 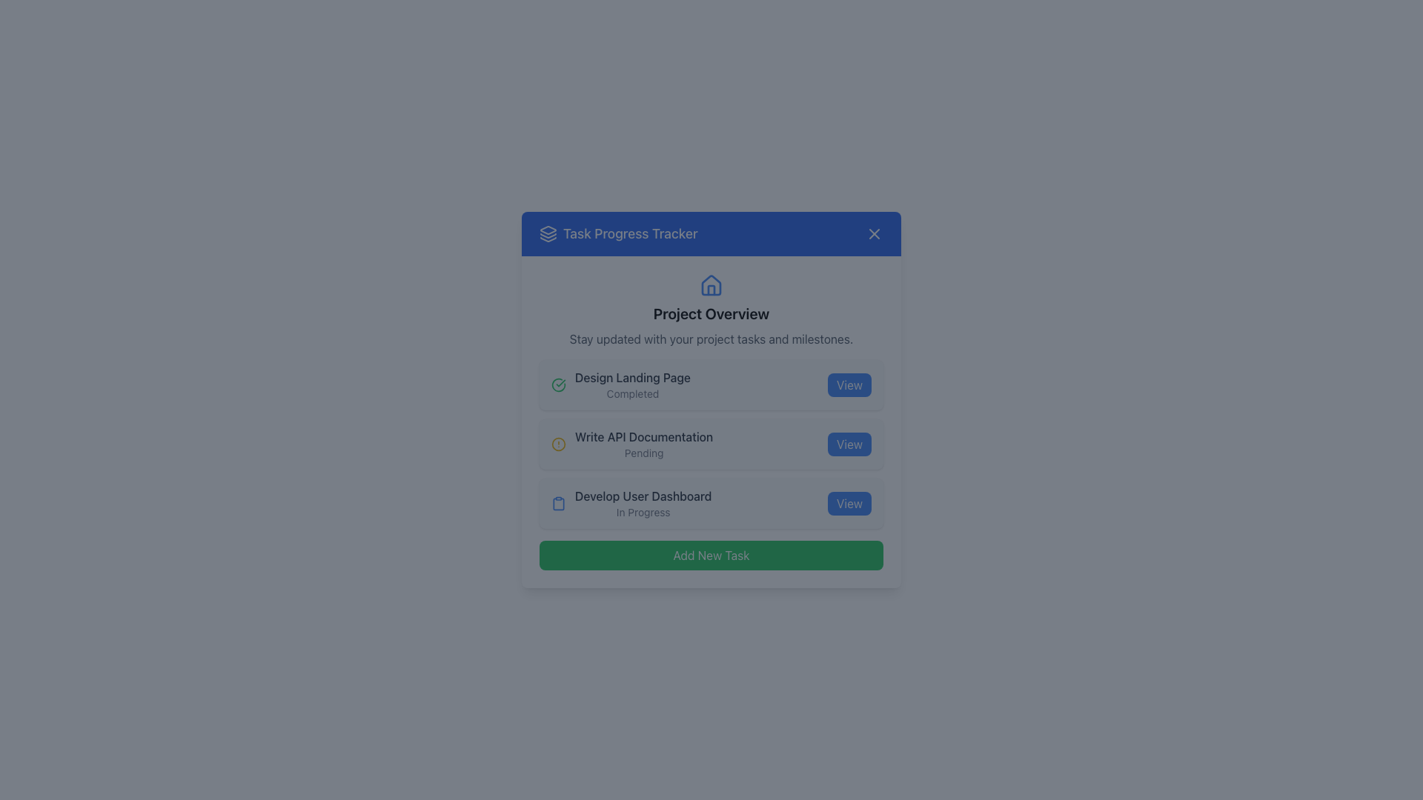 I want to click on the bottommost layer of the graphical vector element in the SVG component, which is part of the 'Task Progress Tracker' header, so click(x=547, y=239).